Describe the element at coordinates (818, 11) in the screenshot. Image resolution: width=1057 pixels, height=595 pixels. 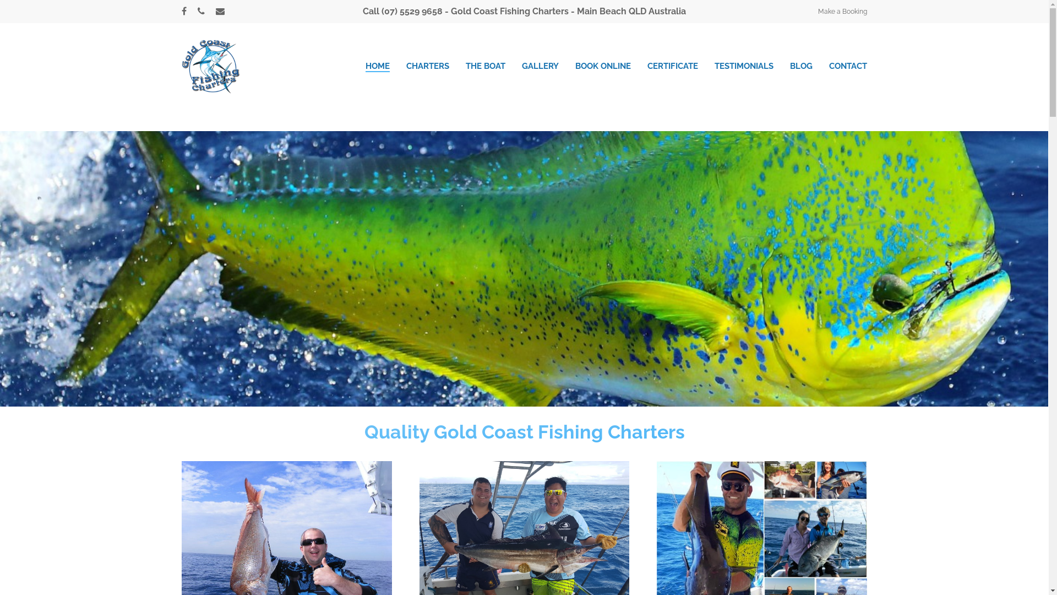
I see `'Make a Booking'` at that location.